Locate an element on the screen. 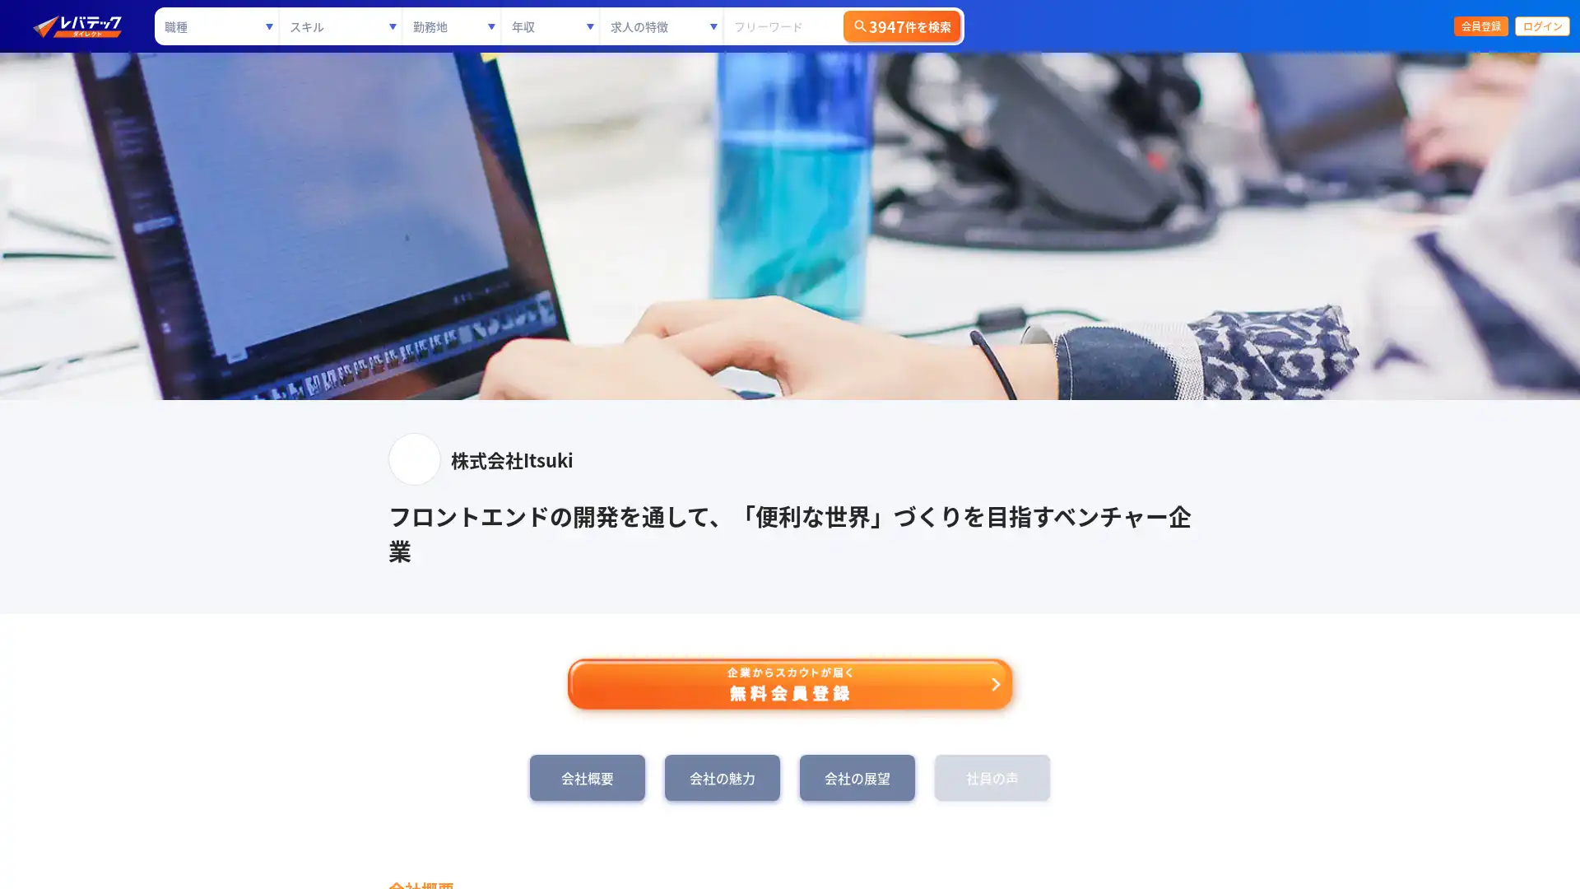 Image resolution: width=1580 pixels, height=889 pixels. 3947 is located at coordinates (900, 26).